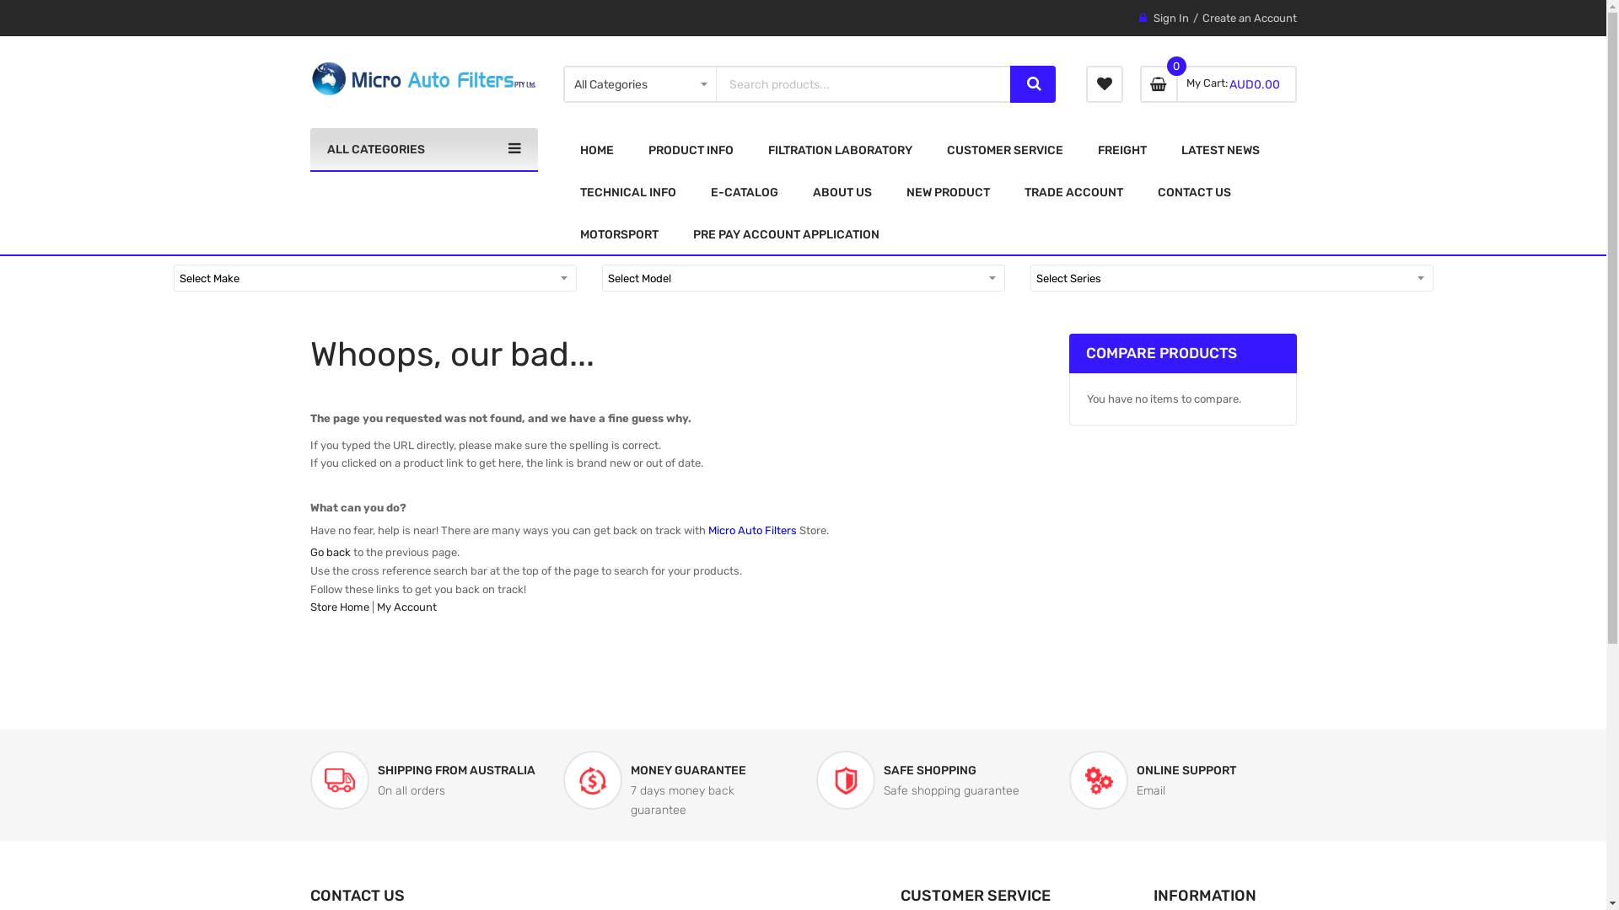 The height and width of the screenshot is (910, 1619). What do you see at coordinates (839, 148) in the screenshot?
I see `'FILTRATION LABORATORY'` at bounding box center [839, 148].